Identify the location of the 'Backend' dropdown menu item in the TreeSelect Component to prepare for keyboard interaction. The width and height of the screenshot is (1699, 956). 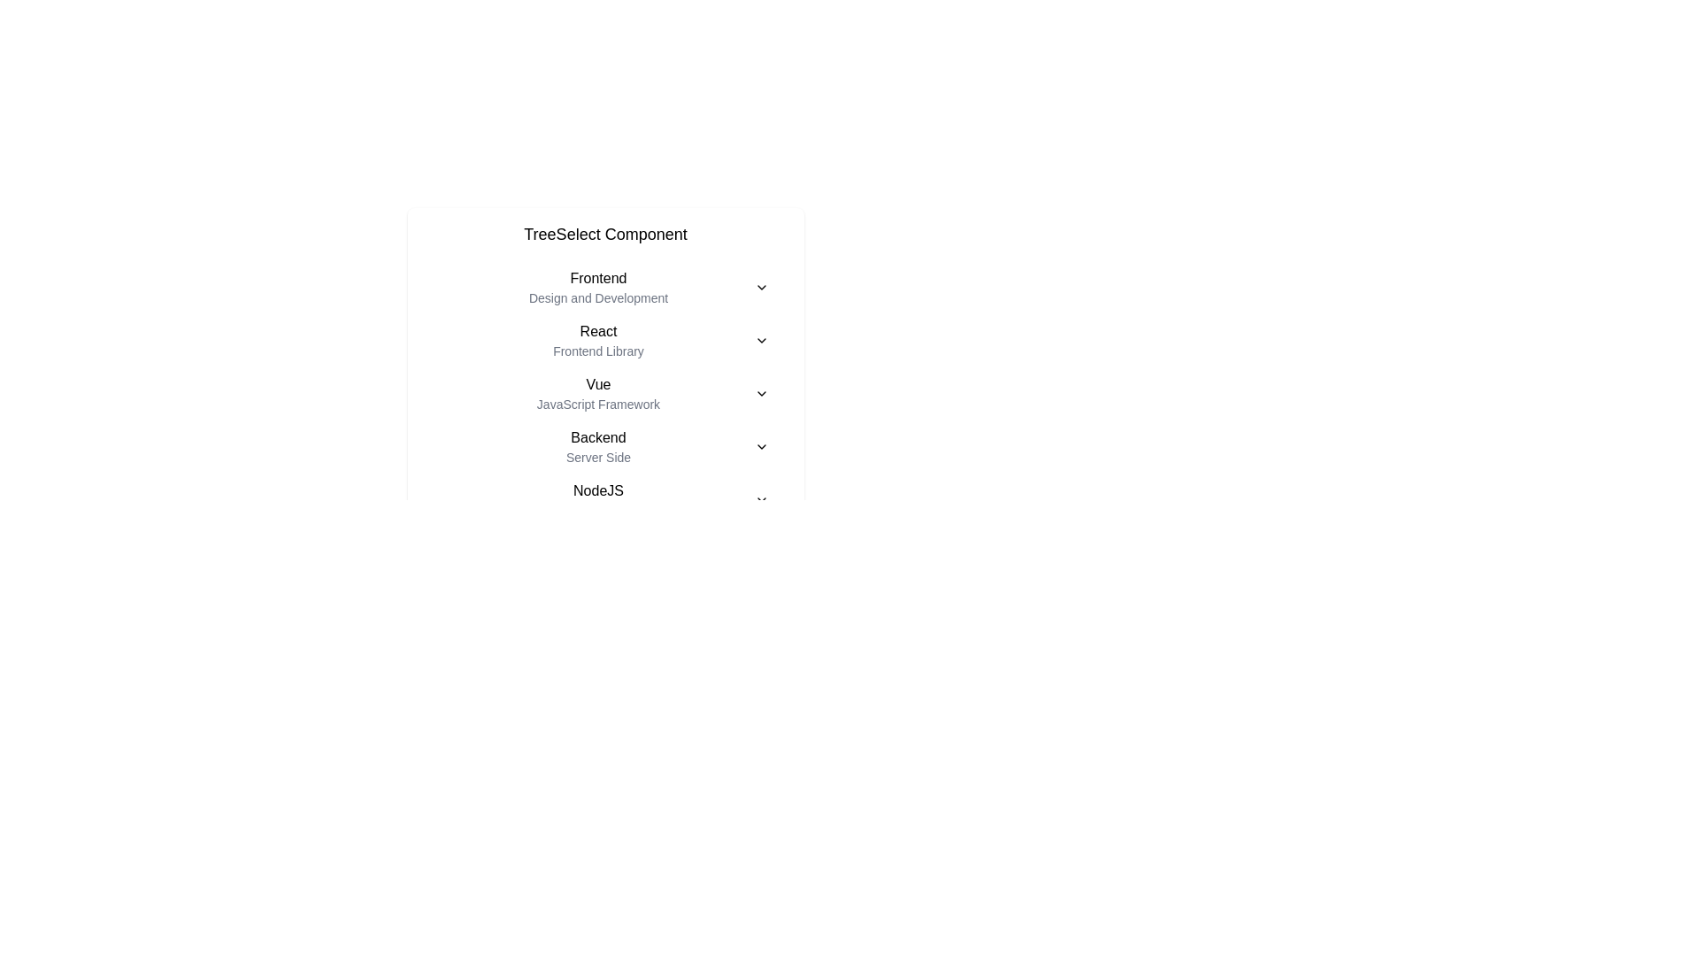
(605, 446).